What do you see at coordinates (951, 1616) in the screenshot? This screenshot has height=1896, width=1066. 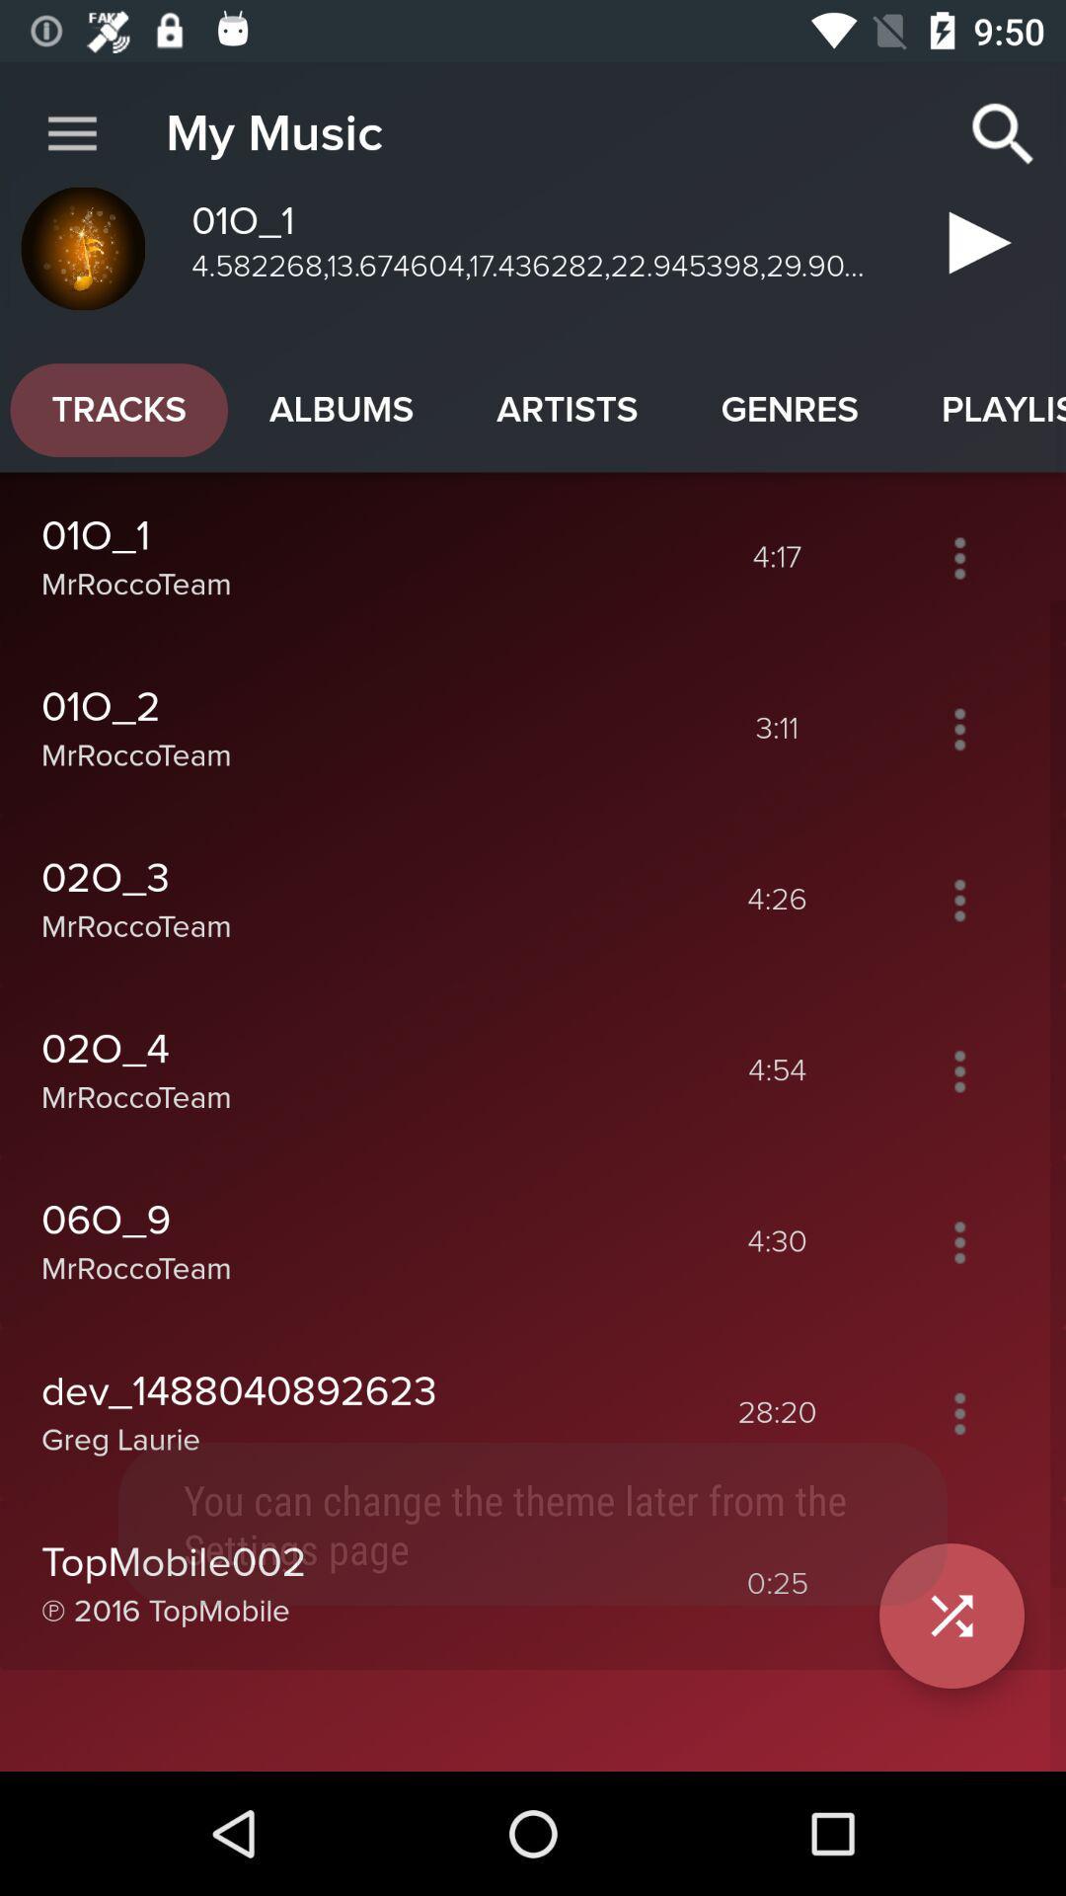 I see `the icon to the right of the 0:25 item` at bounding box center [951, 1616].